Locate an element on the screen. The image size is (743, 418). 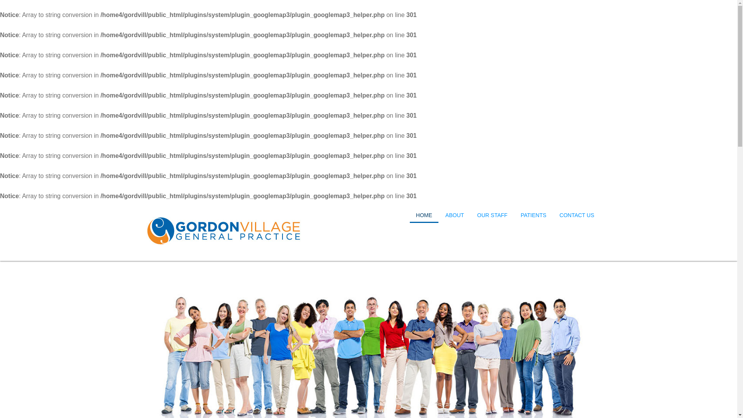
'CONTACT US' is located at coordinates (577, 215).